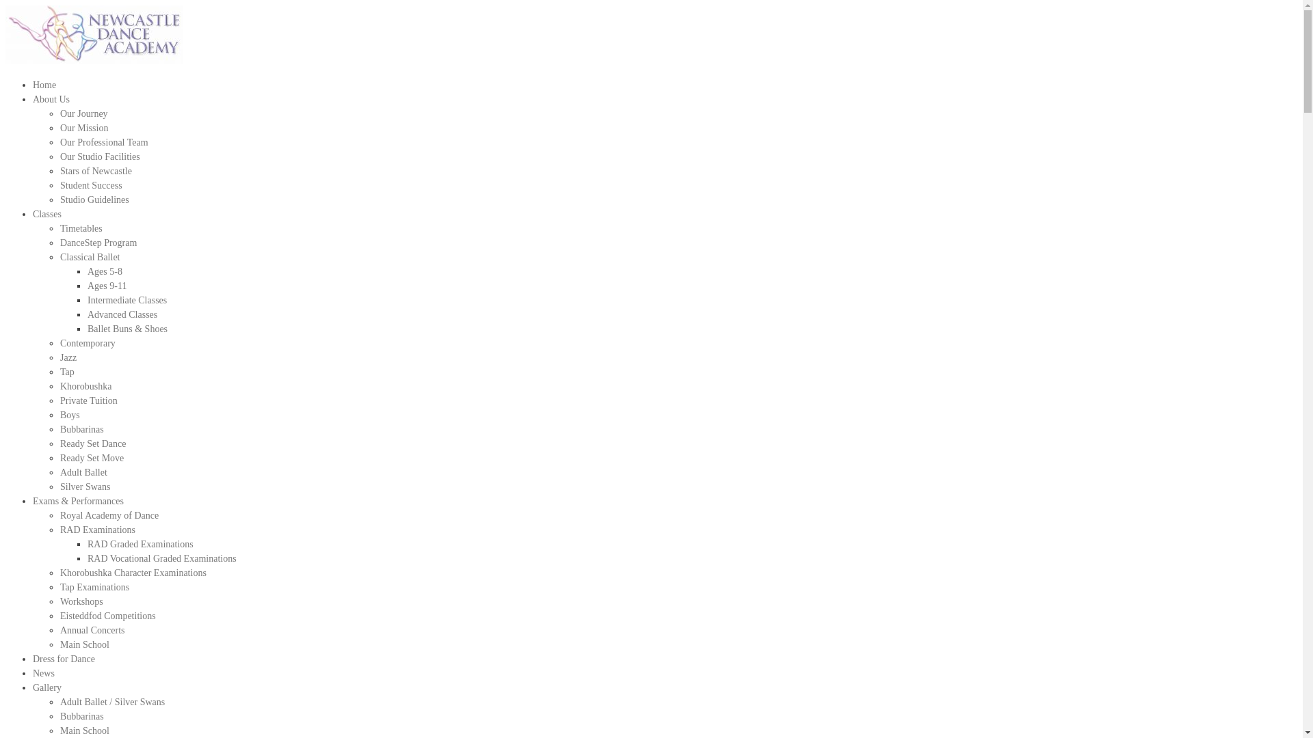  What do you see at coordinates (92, 443) in the screenshot?
I see `'Ready Set Dance'` at bounding box center [92, 443].